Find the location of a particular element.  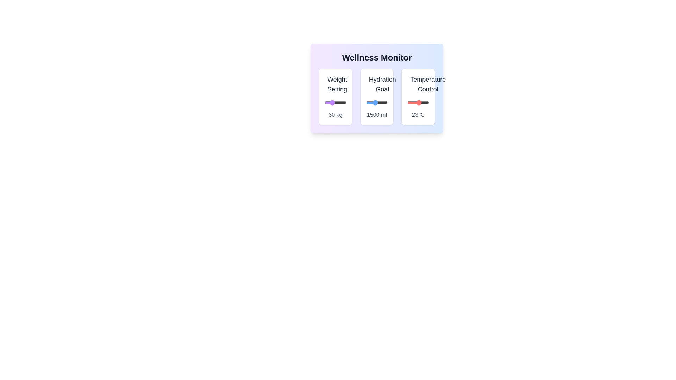

hydration goal is located at coordinates (380, 103).